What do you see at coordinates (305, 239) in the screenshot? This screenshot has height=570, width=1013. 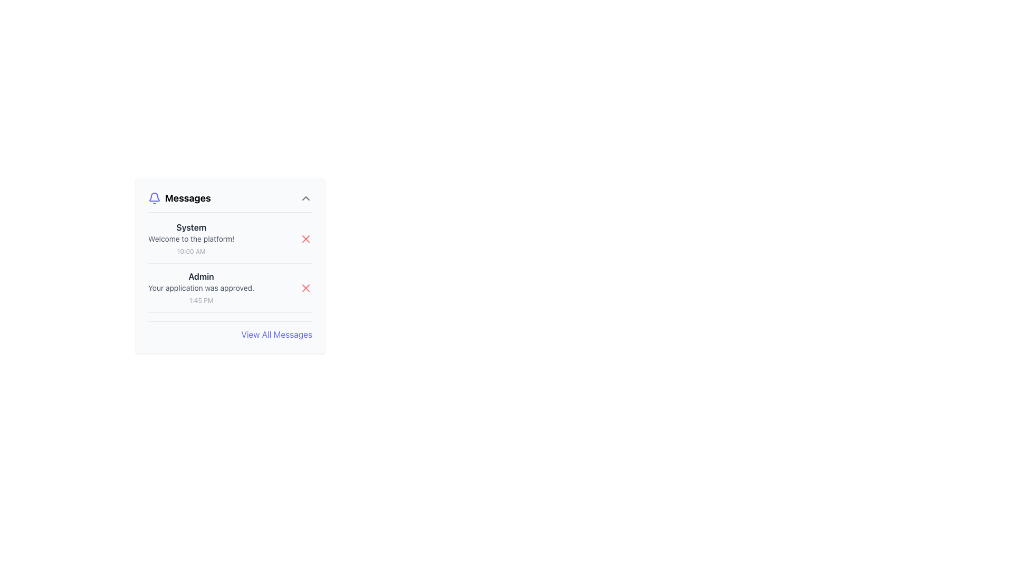 I see `the red diagonal cross-shaped icon located to the right of the 'Admin' text and below the 'System' text in the messages interface` at bounding box center [305, 239].